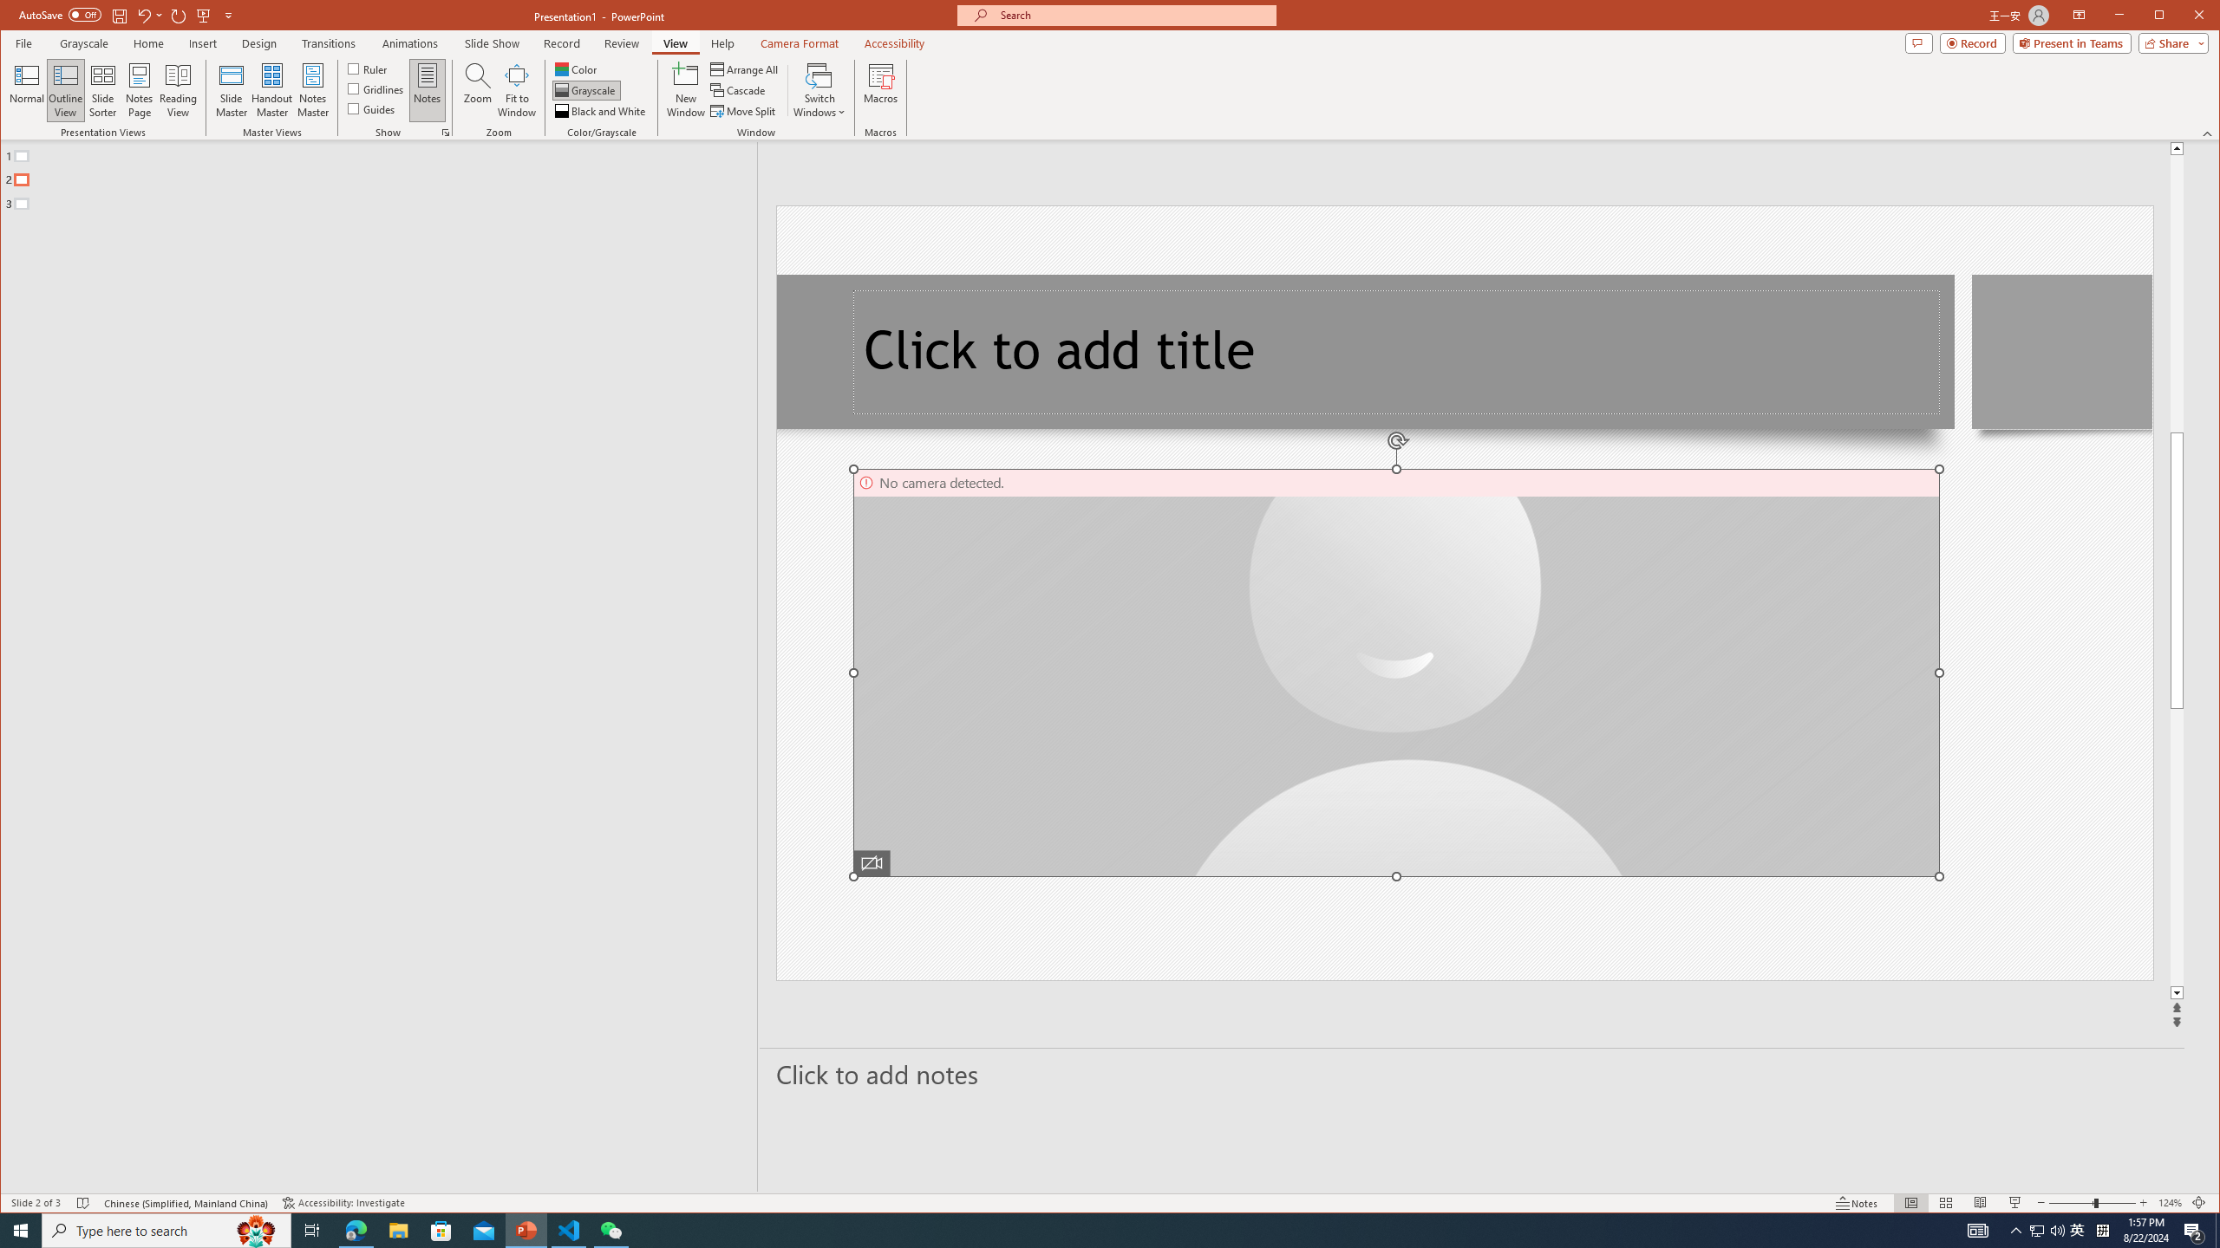 This screenshot has height=1248, width=2220. What do you see at coordinates (311, 89) in the screenshot?
I see `'Notes Master'` at bounding box center [311, 89].